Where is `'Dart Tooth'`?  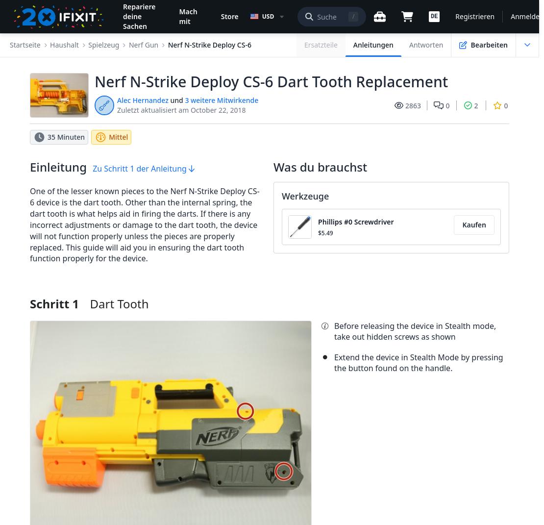
'Dart Tooth' is located at coordinates (119, 303).